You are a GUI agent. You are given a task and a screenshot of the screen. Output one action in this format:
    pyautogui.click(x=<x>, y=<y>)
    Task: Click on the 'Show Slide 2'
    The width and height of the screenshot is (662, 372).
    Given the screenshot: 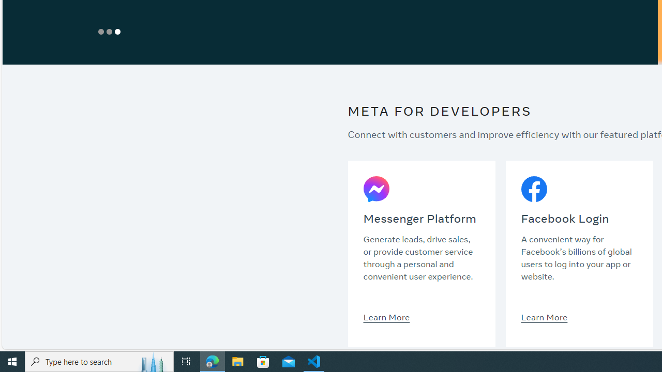 What is the action you would take?
    pyautogui.click(x=109, y=31)
    